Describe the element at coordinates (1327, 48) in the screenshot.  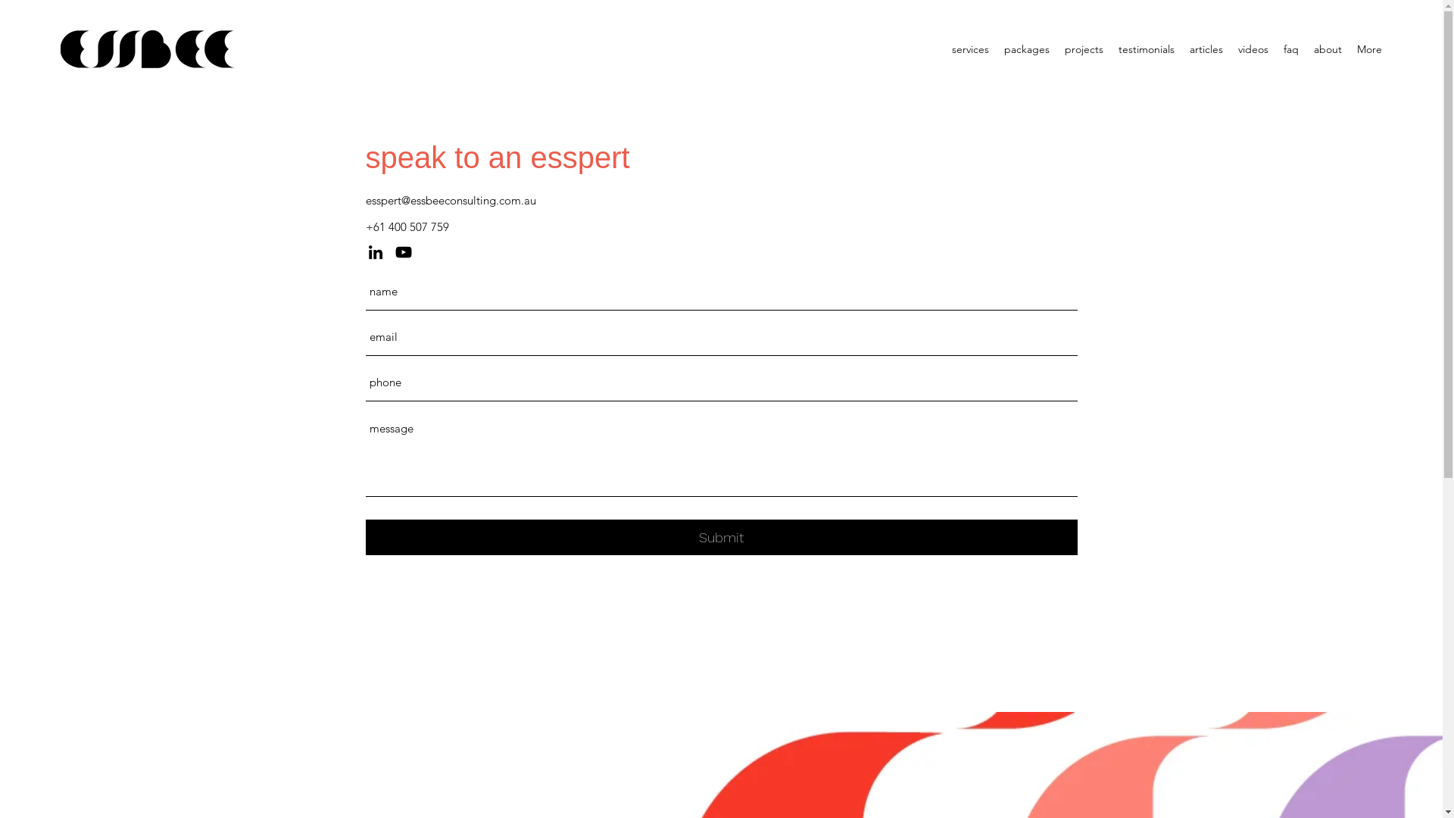
I see `'about'` at that location.